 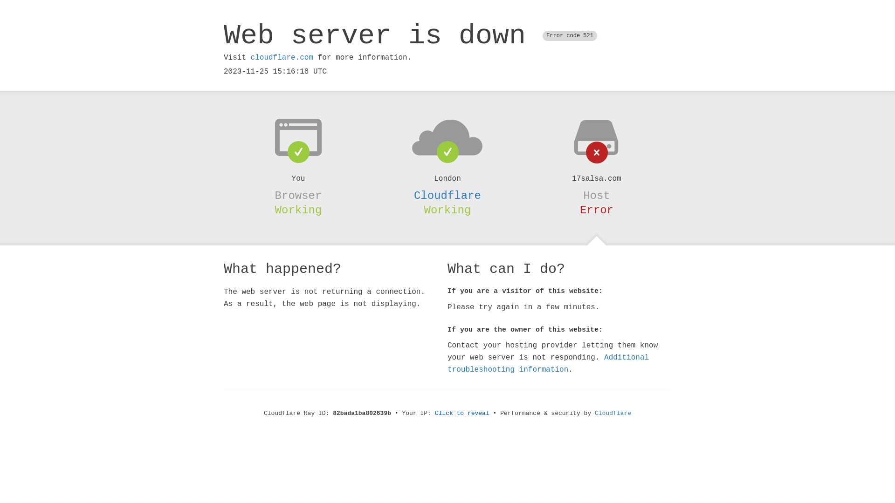 I want to click on 'cloudflare.com', so click(x=281, y=57).